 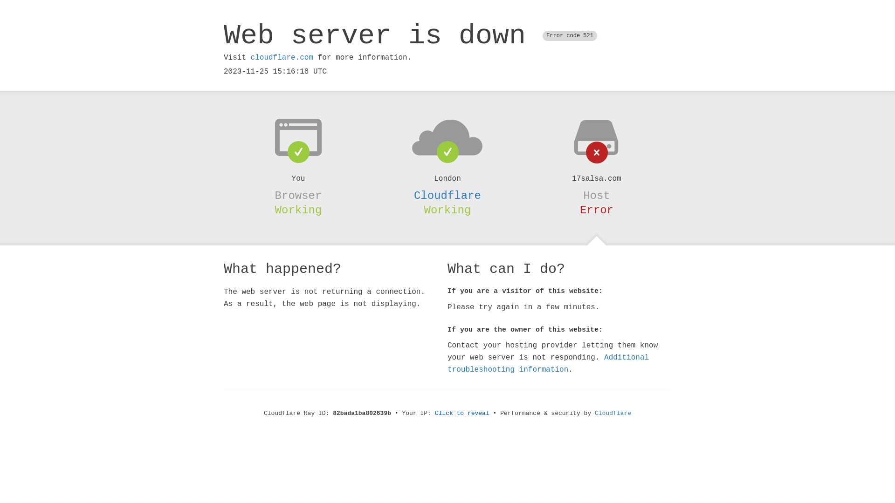 I want to click on 'cloudflare.com', so click(x=281, y=57).